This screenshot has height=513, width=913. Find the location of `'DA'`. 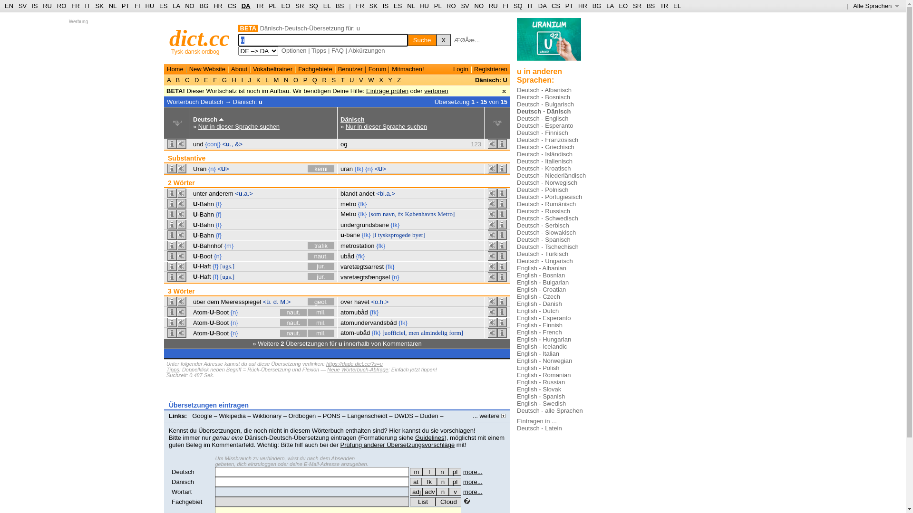

'DA' is located at coordinates (246, 6).